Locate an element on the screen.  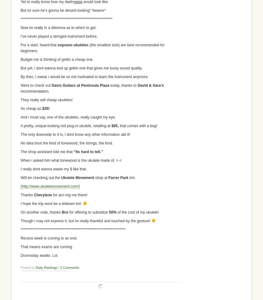
'for acc-ing me there!' is located at coordinates (69, 195).